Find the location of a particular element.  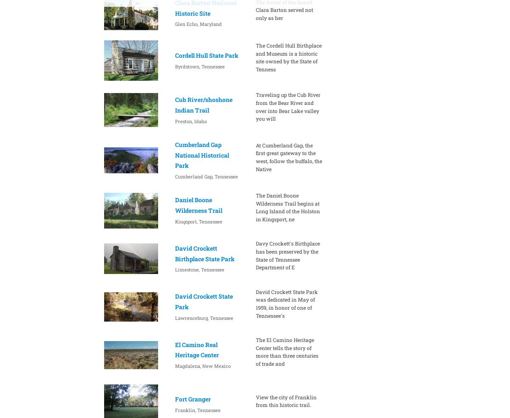

'The El Camino Heritage Center tells the story of more than three centuries of trade and' is located at coordinates (286, 351).